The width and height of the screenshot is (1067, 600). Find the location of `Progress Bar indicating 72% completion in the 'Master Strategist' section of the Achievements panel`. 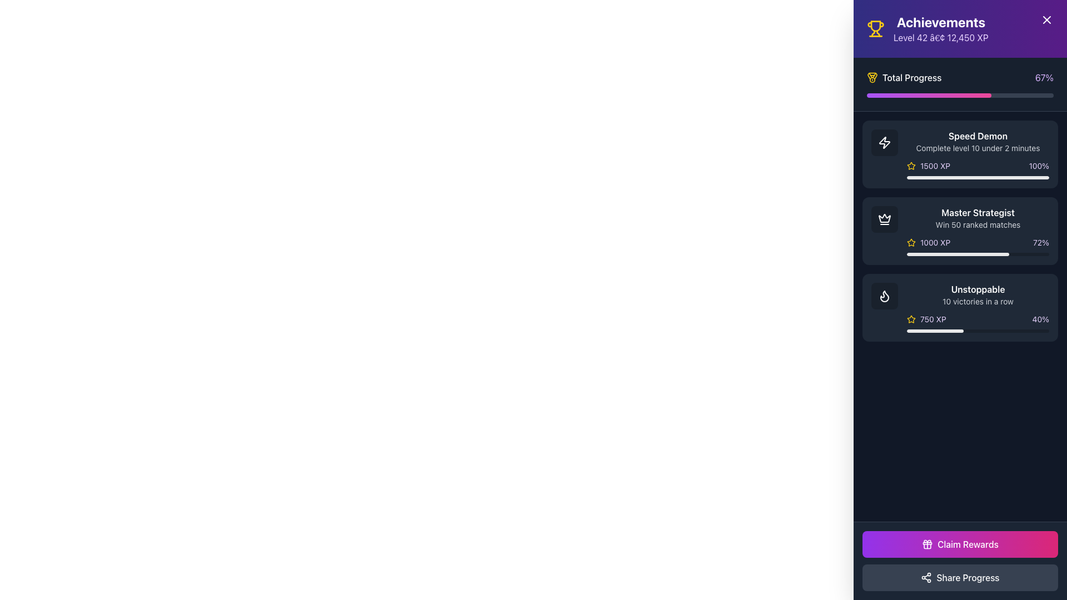

Progress Bar indicating 72% completion in the 'Master Strategist' section of the Achievements panel is located at coordinates (958, 254).